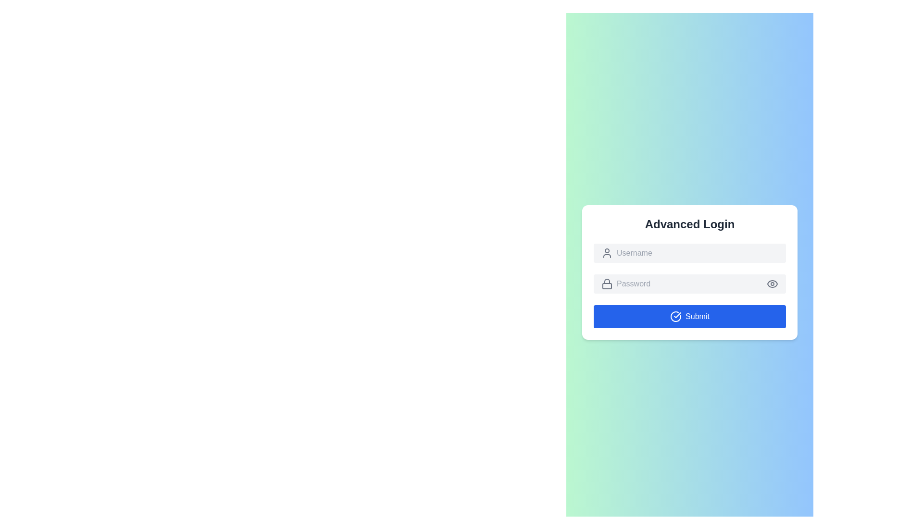  What do you see at coordinates (689, 272) in the screenshot?
I see `the Password input field located below the username field and above the submit button in the 'Advanced Login' card` at bounding box center [689, 272].